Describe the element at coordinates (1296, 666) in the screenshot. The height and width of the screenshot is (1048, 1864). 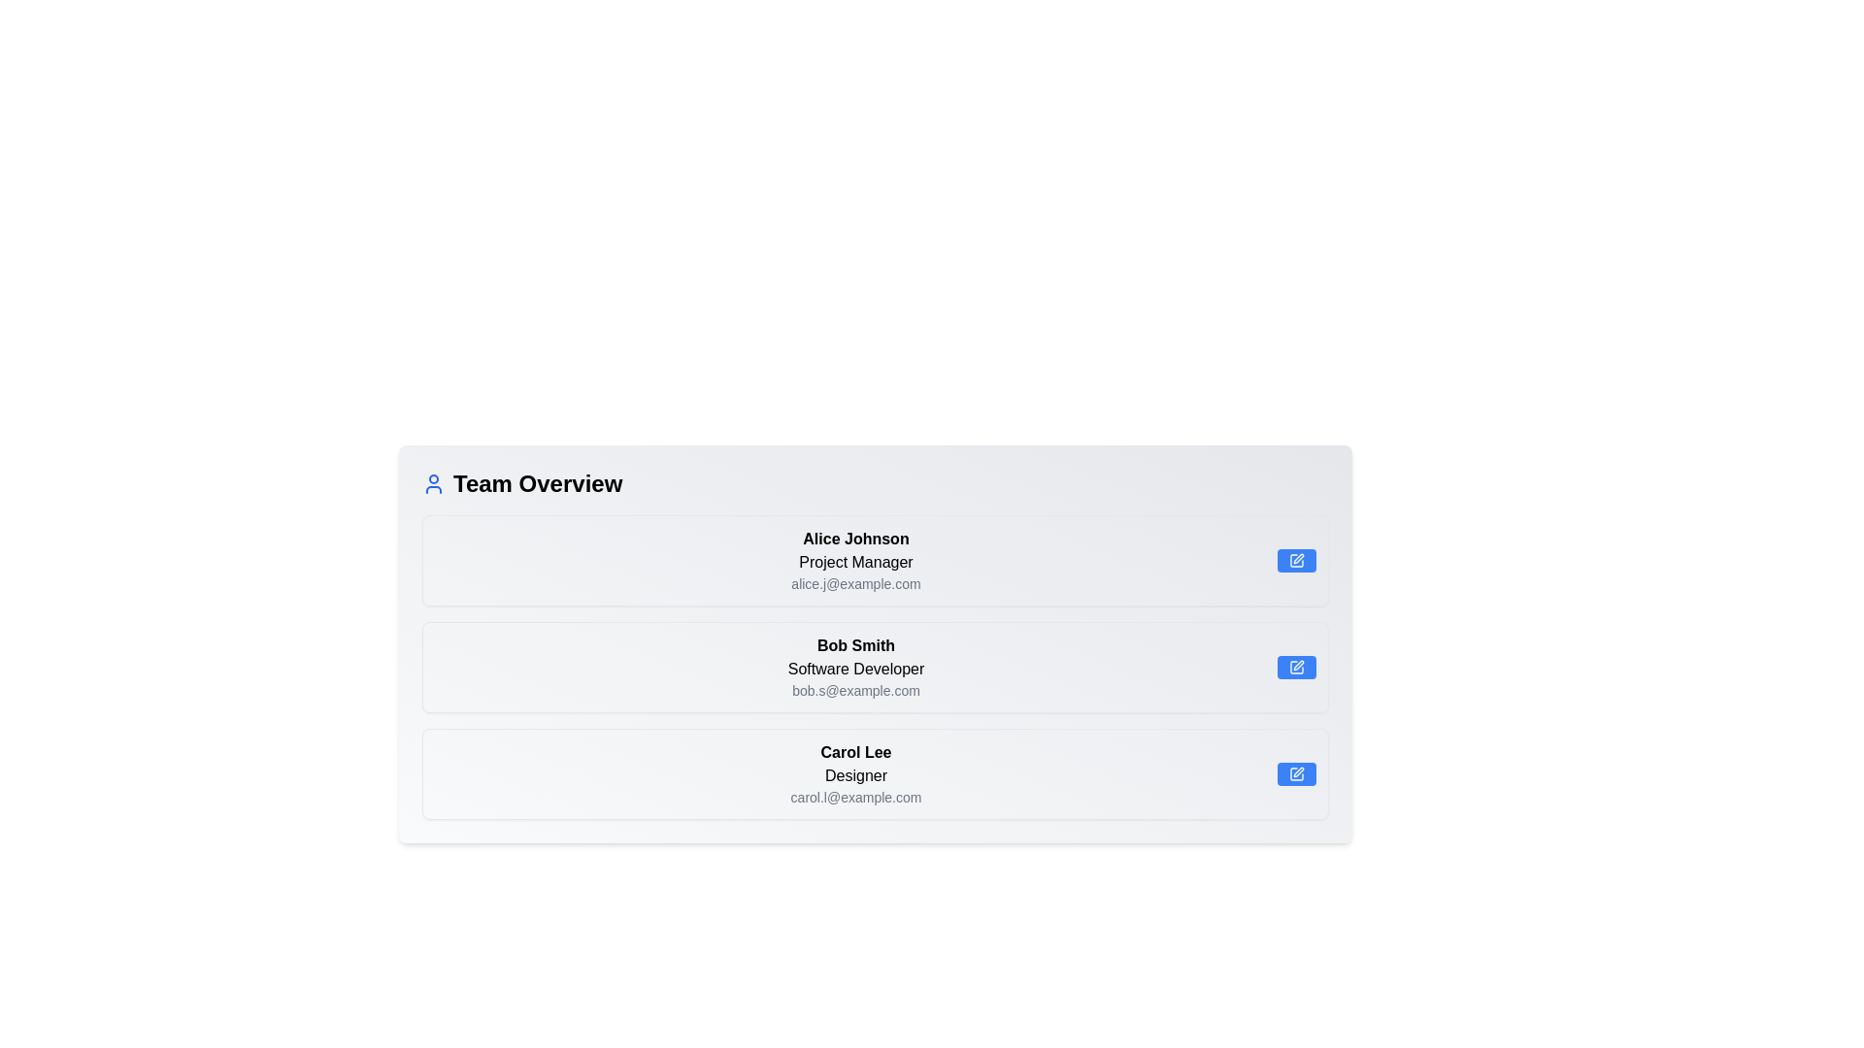
I see `the editing icon located within the blue button to the right of the 'Bob Smith' user card in the 'Team Overview' section` at that location.